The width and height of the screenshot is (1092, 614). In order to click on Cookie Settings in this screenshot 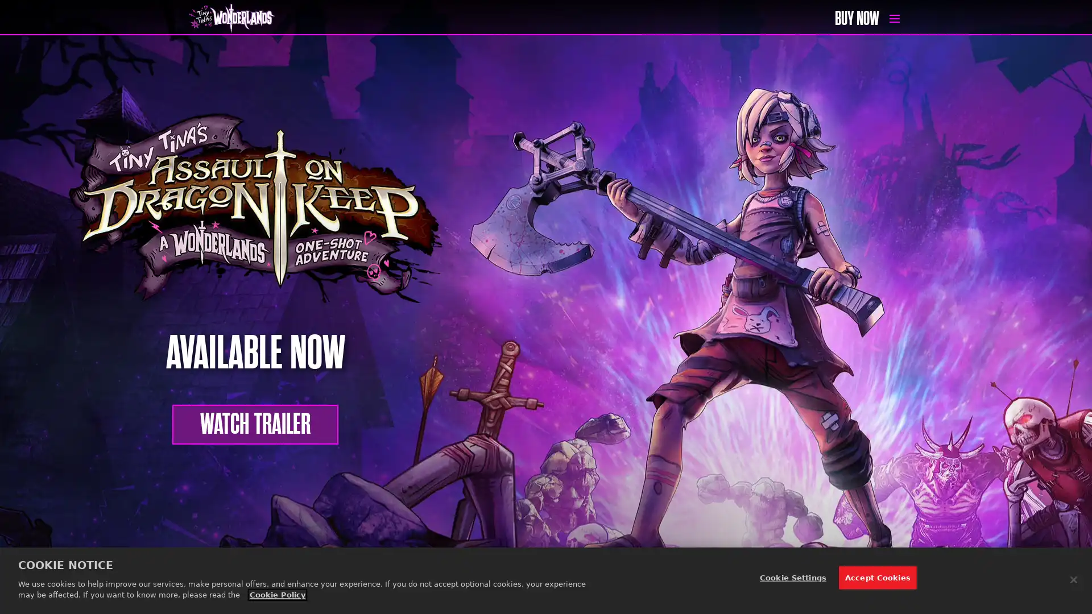, I will do `click(792, 577)`.